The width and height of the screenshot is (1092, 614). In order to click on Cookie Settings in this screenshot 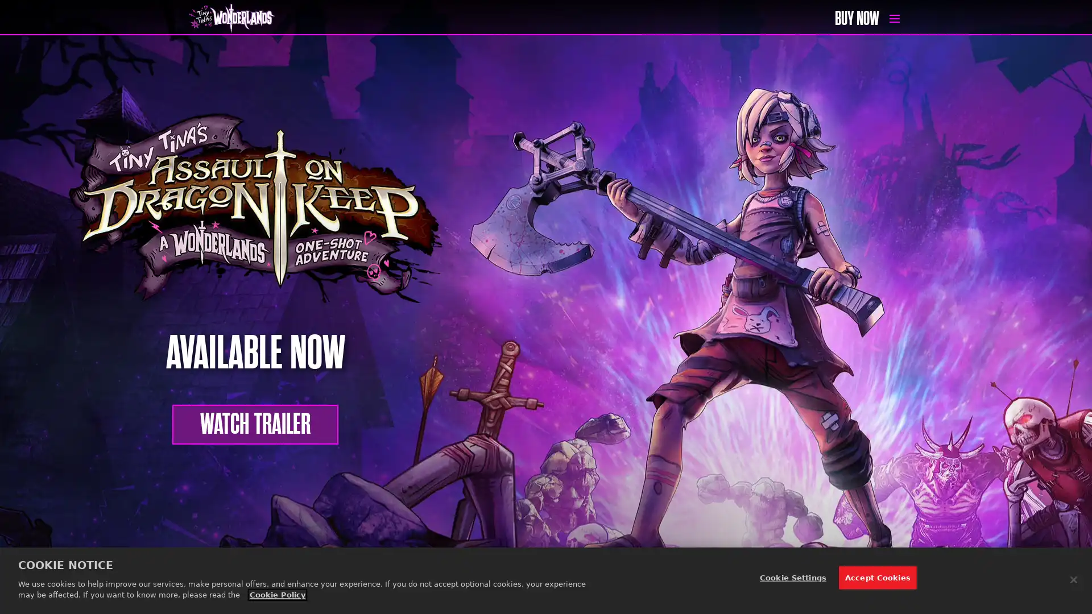, I will do `click(792, 577)`.